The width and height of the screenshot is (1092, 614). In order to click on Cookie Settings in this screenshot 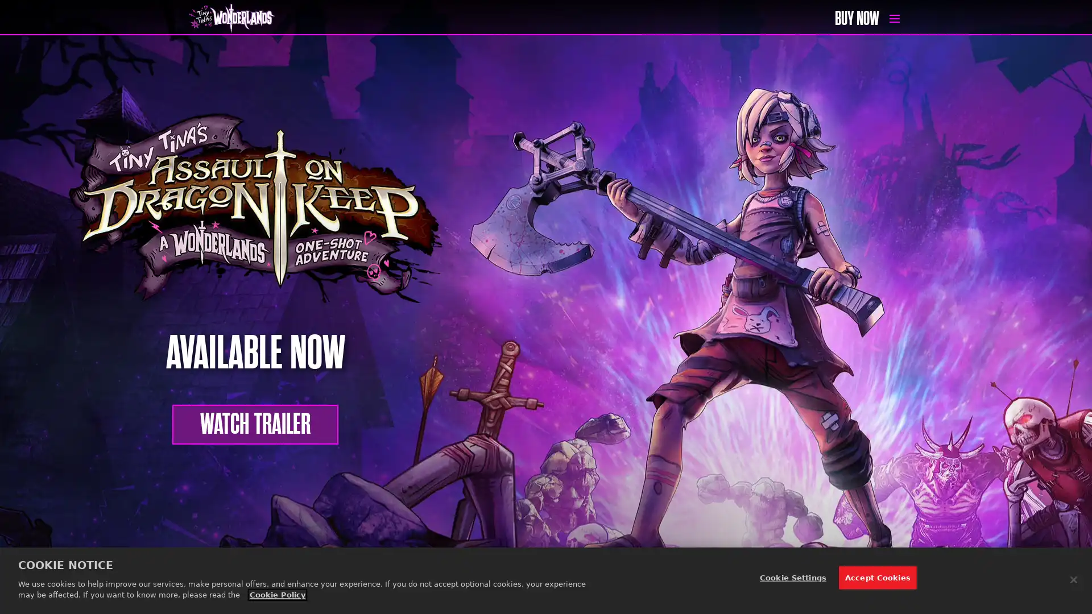, I will do `click(792, 577)`.